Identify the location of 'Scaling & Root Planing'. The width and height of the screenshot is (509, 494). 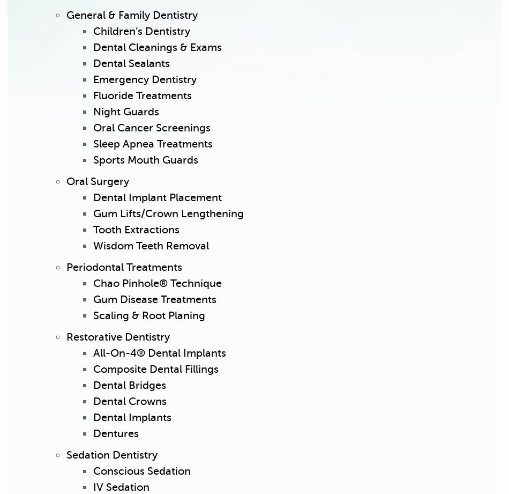
(148, 315).